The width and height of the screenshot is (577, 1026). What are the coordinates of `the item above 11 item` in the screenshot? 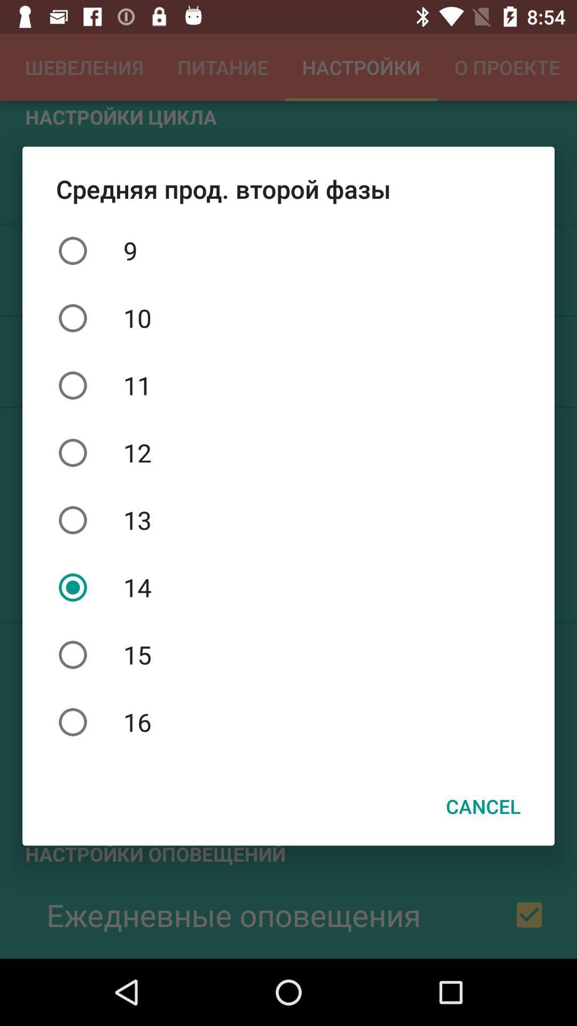 It's located at (288, 317).